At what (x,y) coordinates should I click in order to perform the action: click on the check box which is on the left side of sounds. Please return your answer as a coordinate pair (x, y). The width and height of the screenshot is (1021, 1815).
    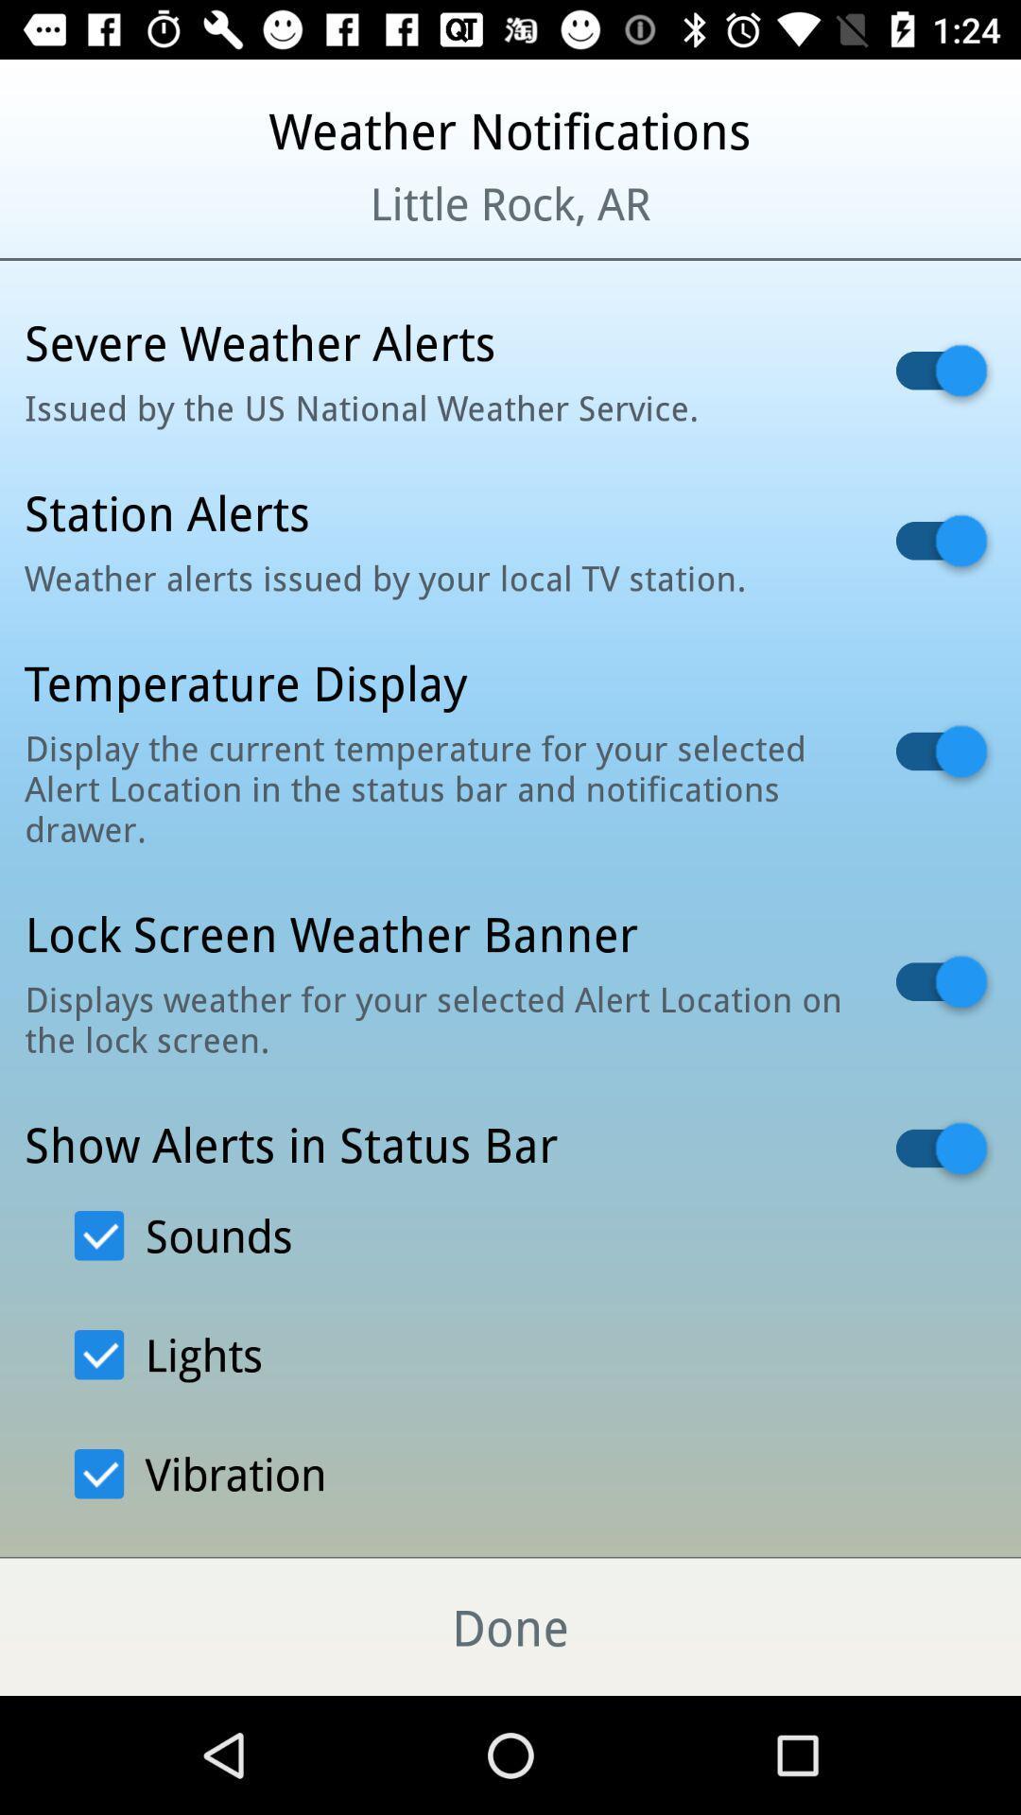
    Looking at the image, I should click on (183, 1235).